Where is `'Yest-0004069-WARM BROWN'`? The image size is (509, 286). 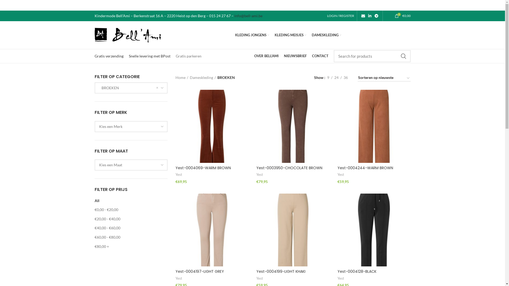
'Yest-0004069-WARM BROWN' is located at coordinates (175, 168).